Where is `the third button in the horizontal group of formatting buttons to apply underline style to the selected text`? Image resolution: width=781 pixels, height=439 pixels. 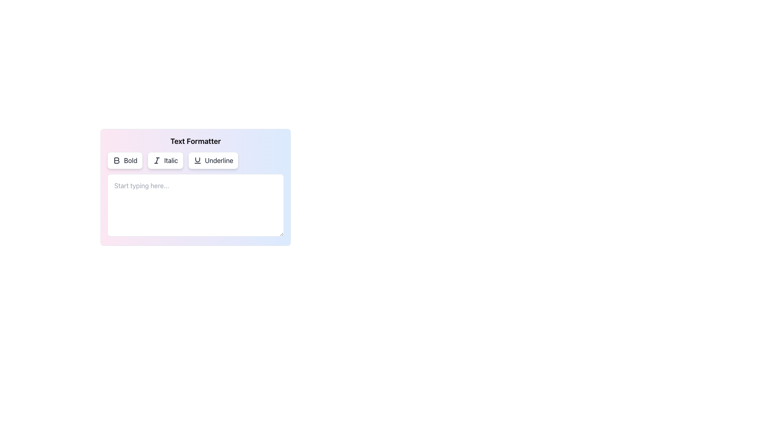 the third button in the horizontal group of formatting buttons to apply underline style to the selected text is located at coordinates (213, 160).